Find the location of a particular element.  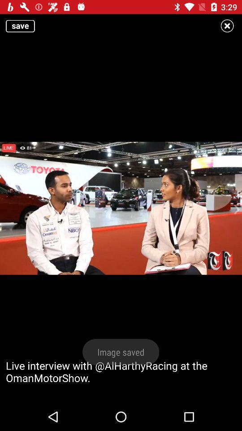

the close icon is located at coordinates (223, 28).